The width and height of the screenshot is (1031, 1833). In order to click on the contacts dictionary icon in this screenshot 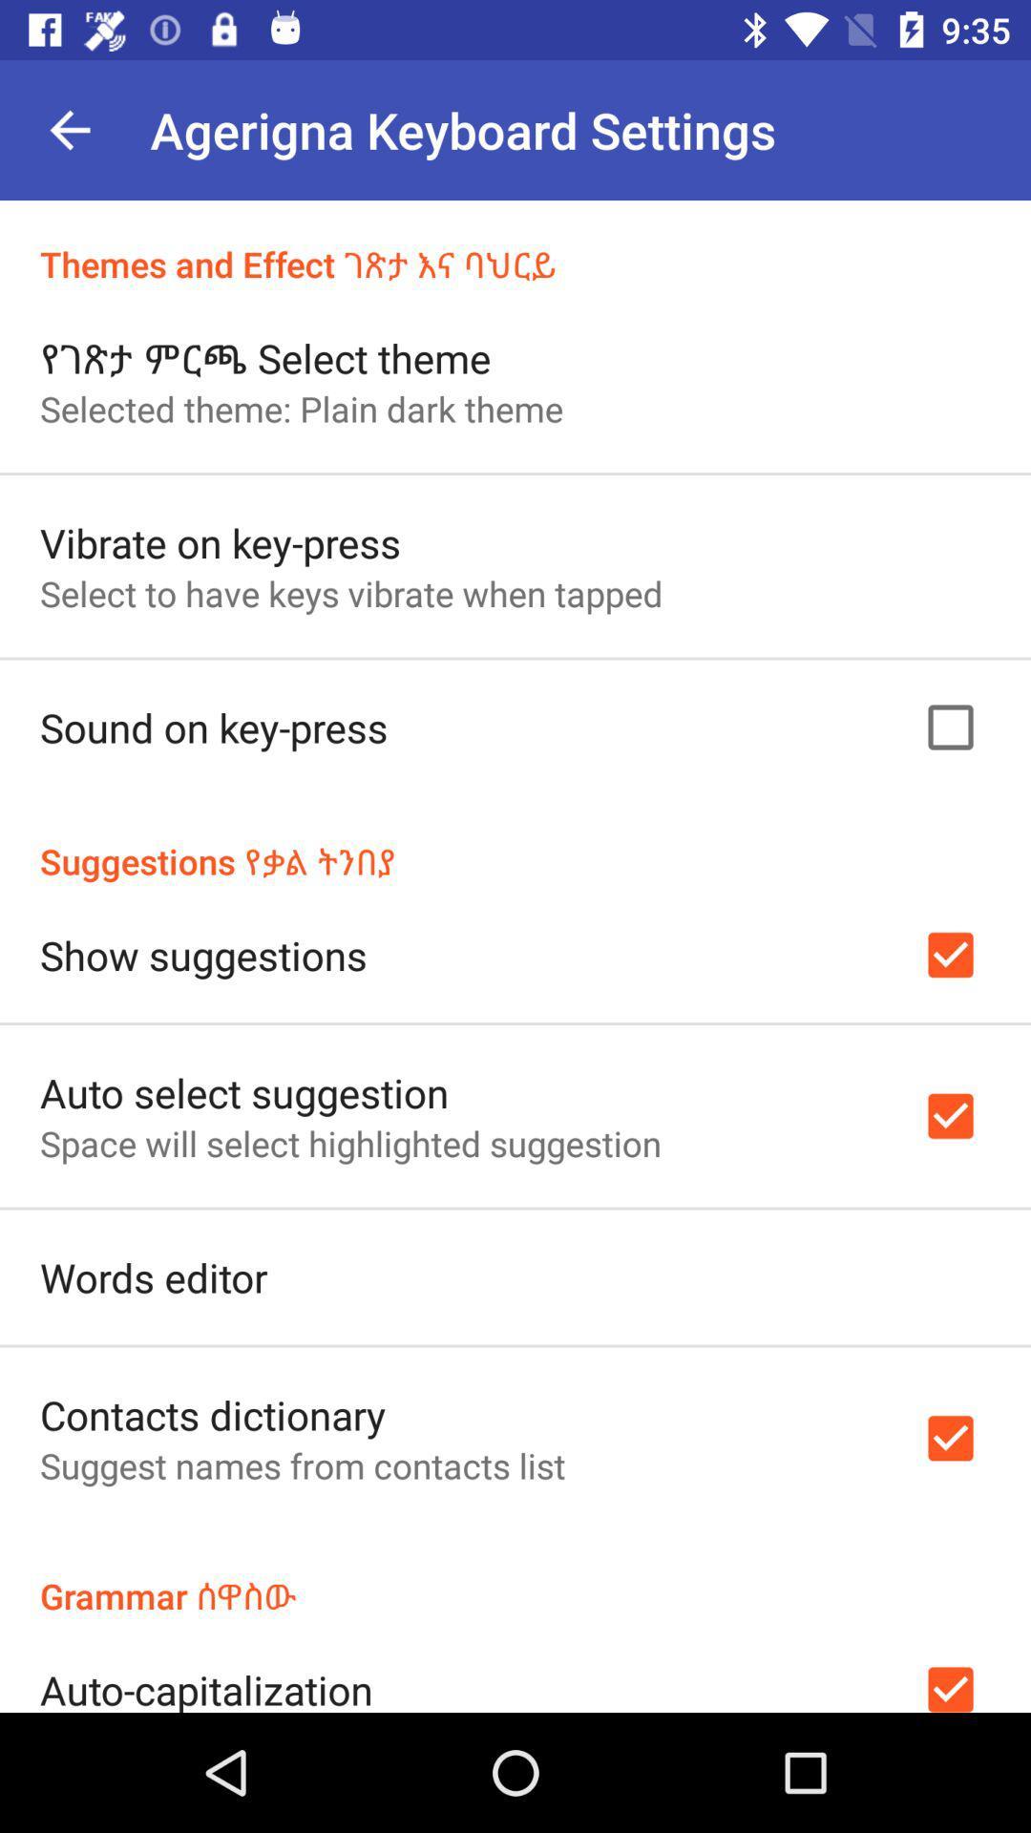, I will do `click(213, 1415)`.